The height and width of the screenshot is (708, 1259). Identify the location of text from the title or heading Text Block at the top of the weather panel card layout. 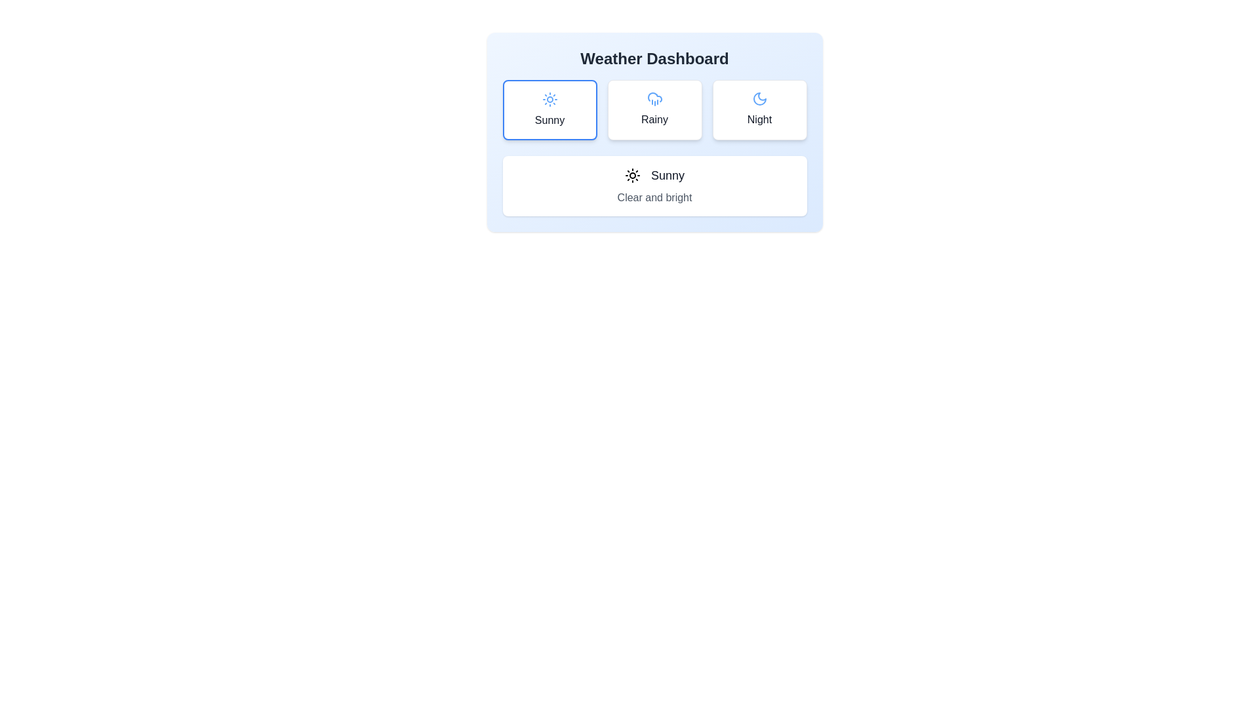
(654, 58).